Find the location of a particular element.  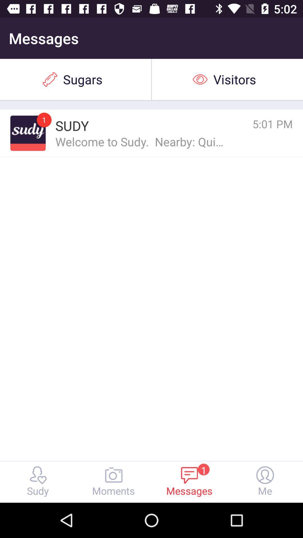

the welcome to sudy is located at coordinates (140, 141).